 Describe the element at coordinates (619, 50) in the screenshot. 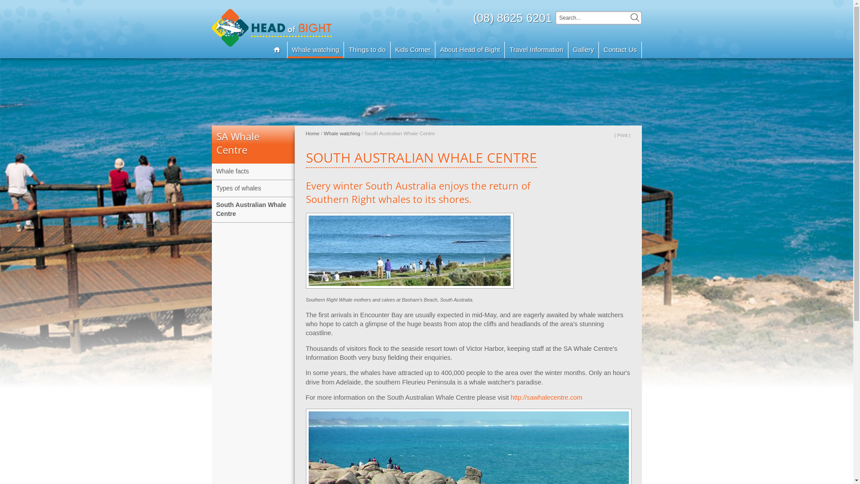

I see `'Contact Us'` at that location.